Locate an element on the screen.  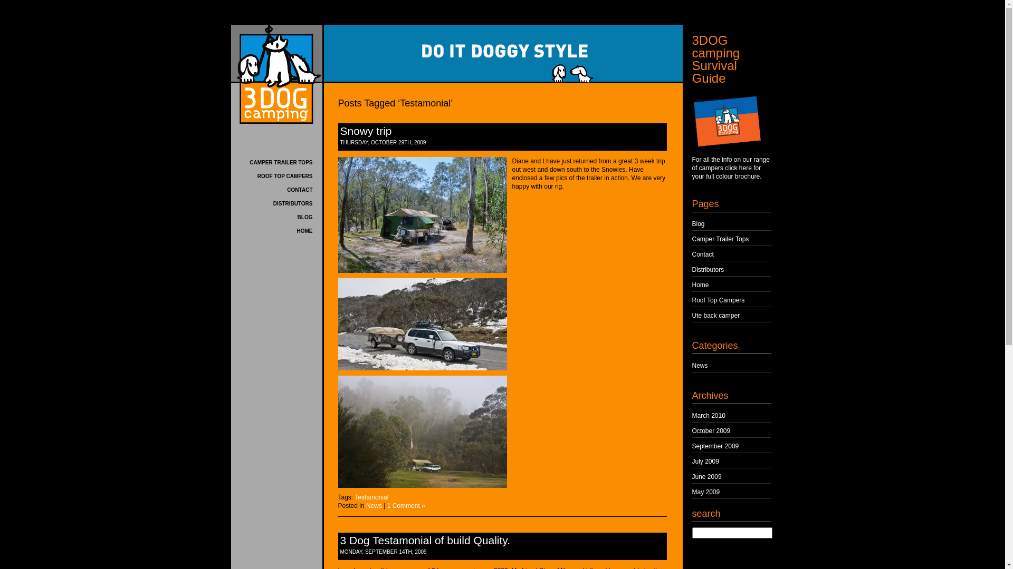
'DISTRIBUTORS' is located at coordinates (273, 203).